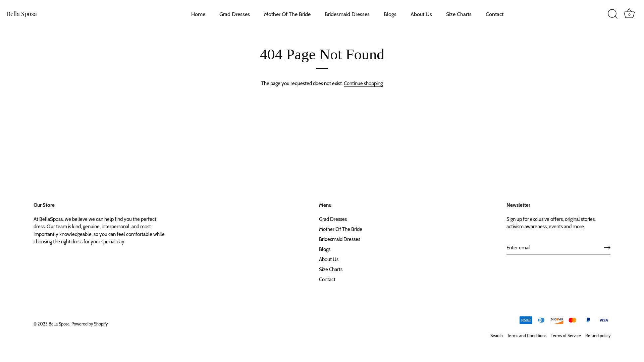  I want to click on 'Bella Sposa', so click(48, 14).